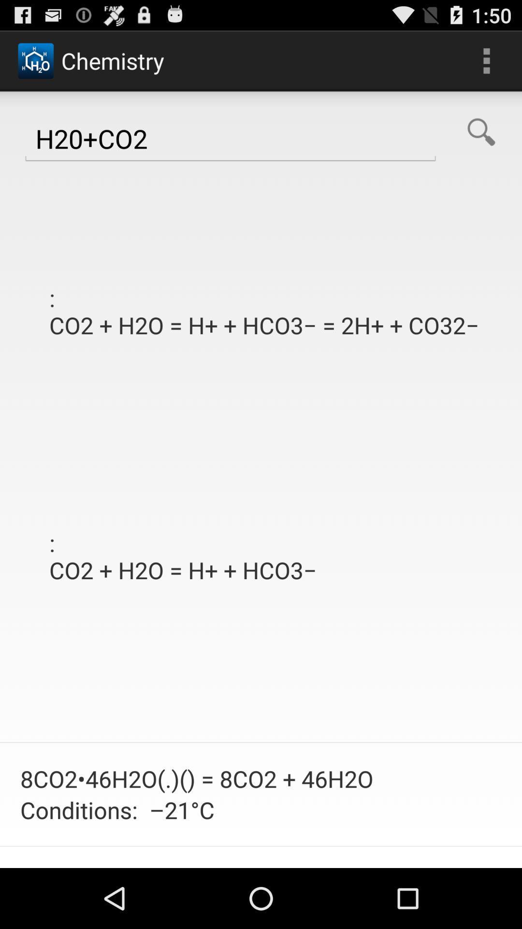 The image size is (522, 929). Describe the element at coordinates (481, 141) in the screenshot. I see `the search icon` at that location.